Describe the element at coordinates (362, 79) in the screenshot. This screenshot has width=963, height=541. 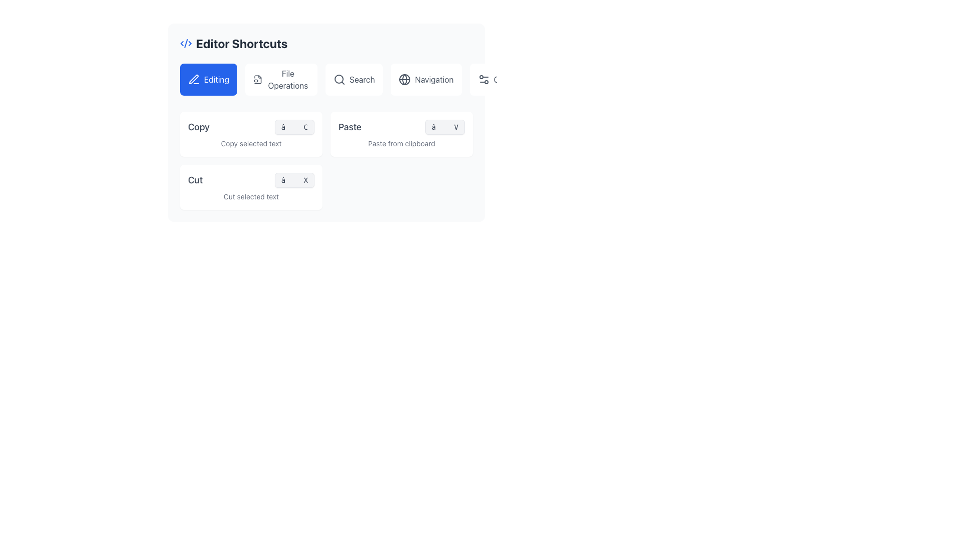
I see `label of the 'Search' button, which is part of an interactive button group located near the top center of the interface` at that location.